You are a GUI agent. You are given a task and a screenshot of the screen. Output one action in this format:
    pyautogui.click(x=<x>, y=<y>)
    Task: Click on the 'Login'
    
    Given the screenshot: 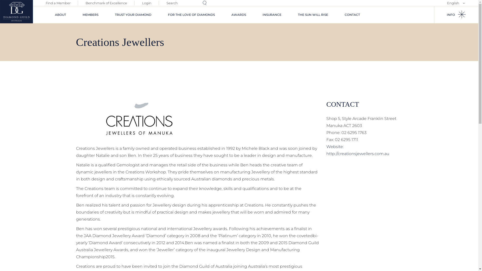 What is the action you would take?
    pyautogui.click(x=146, y=3)
    